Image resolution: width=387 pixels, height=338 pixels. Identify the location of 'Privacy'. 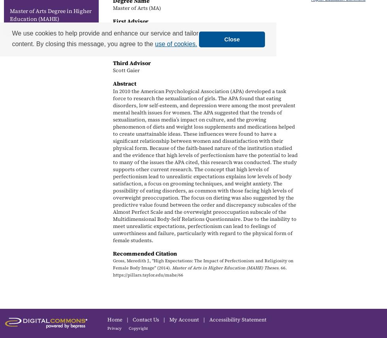
(115, 328).